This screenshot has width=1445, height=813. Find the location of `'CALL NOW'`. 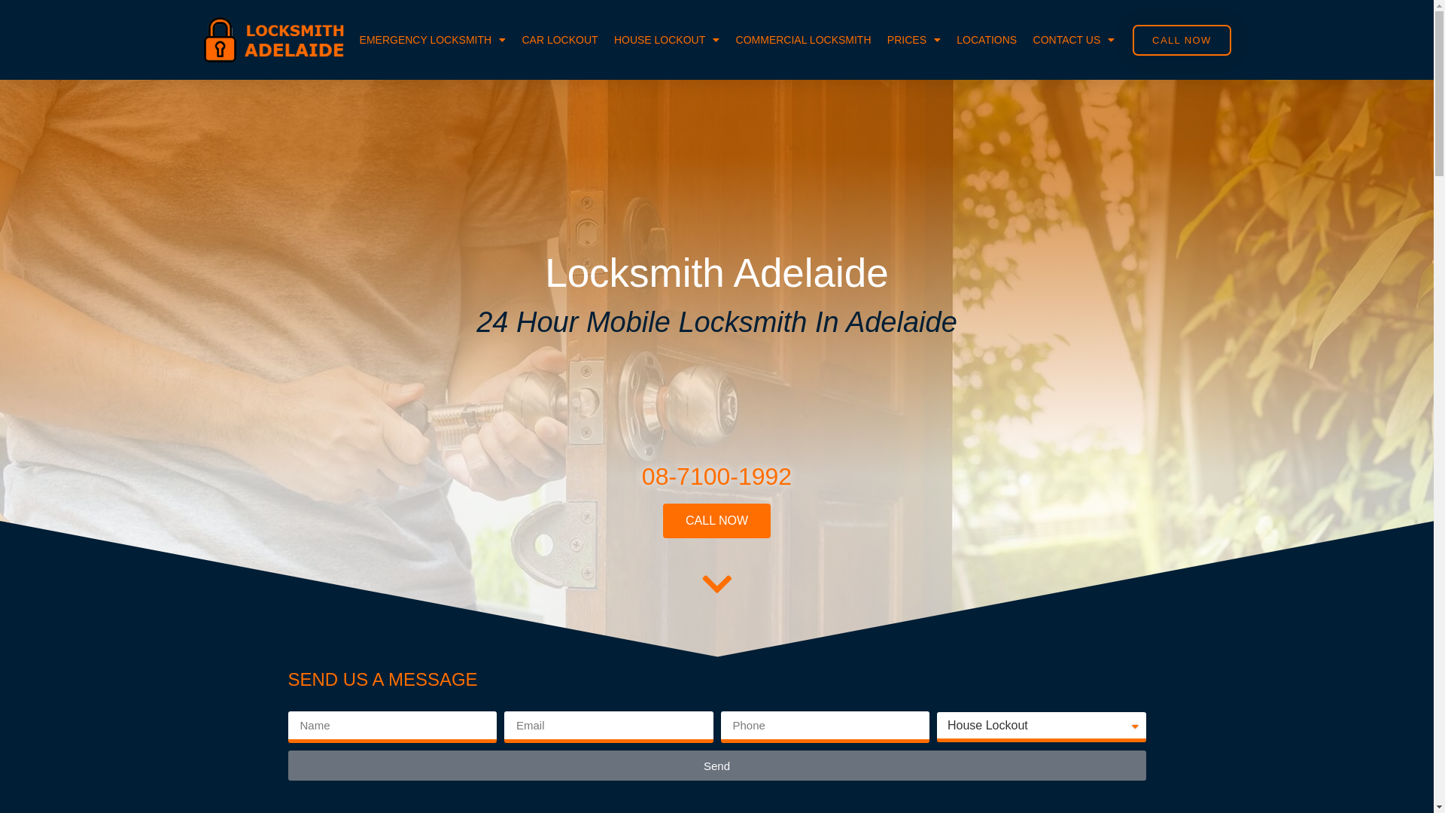

'CALL NOW' is located at coordinates (716, 519).